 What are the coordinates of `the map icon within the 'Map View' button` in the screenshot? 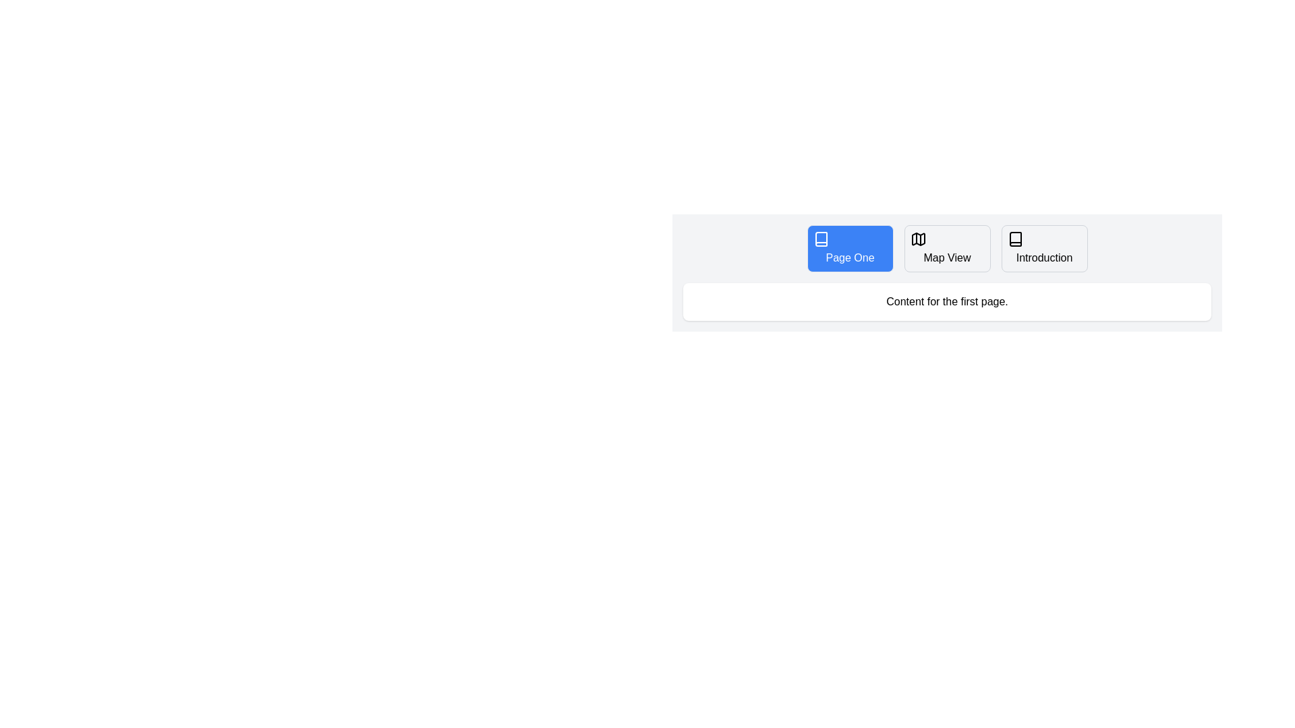 It's located at (917, 238).